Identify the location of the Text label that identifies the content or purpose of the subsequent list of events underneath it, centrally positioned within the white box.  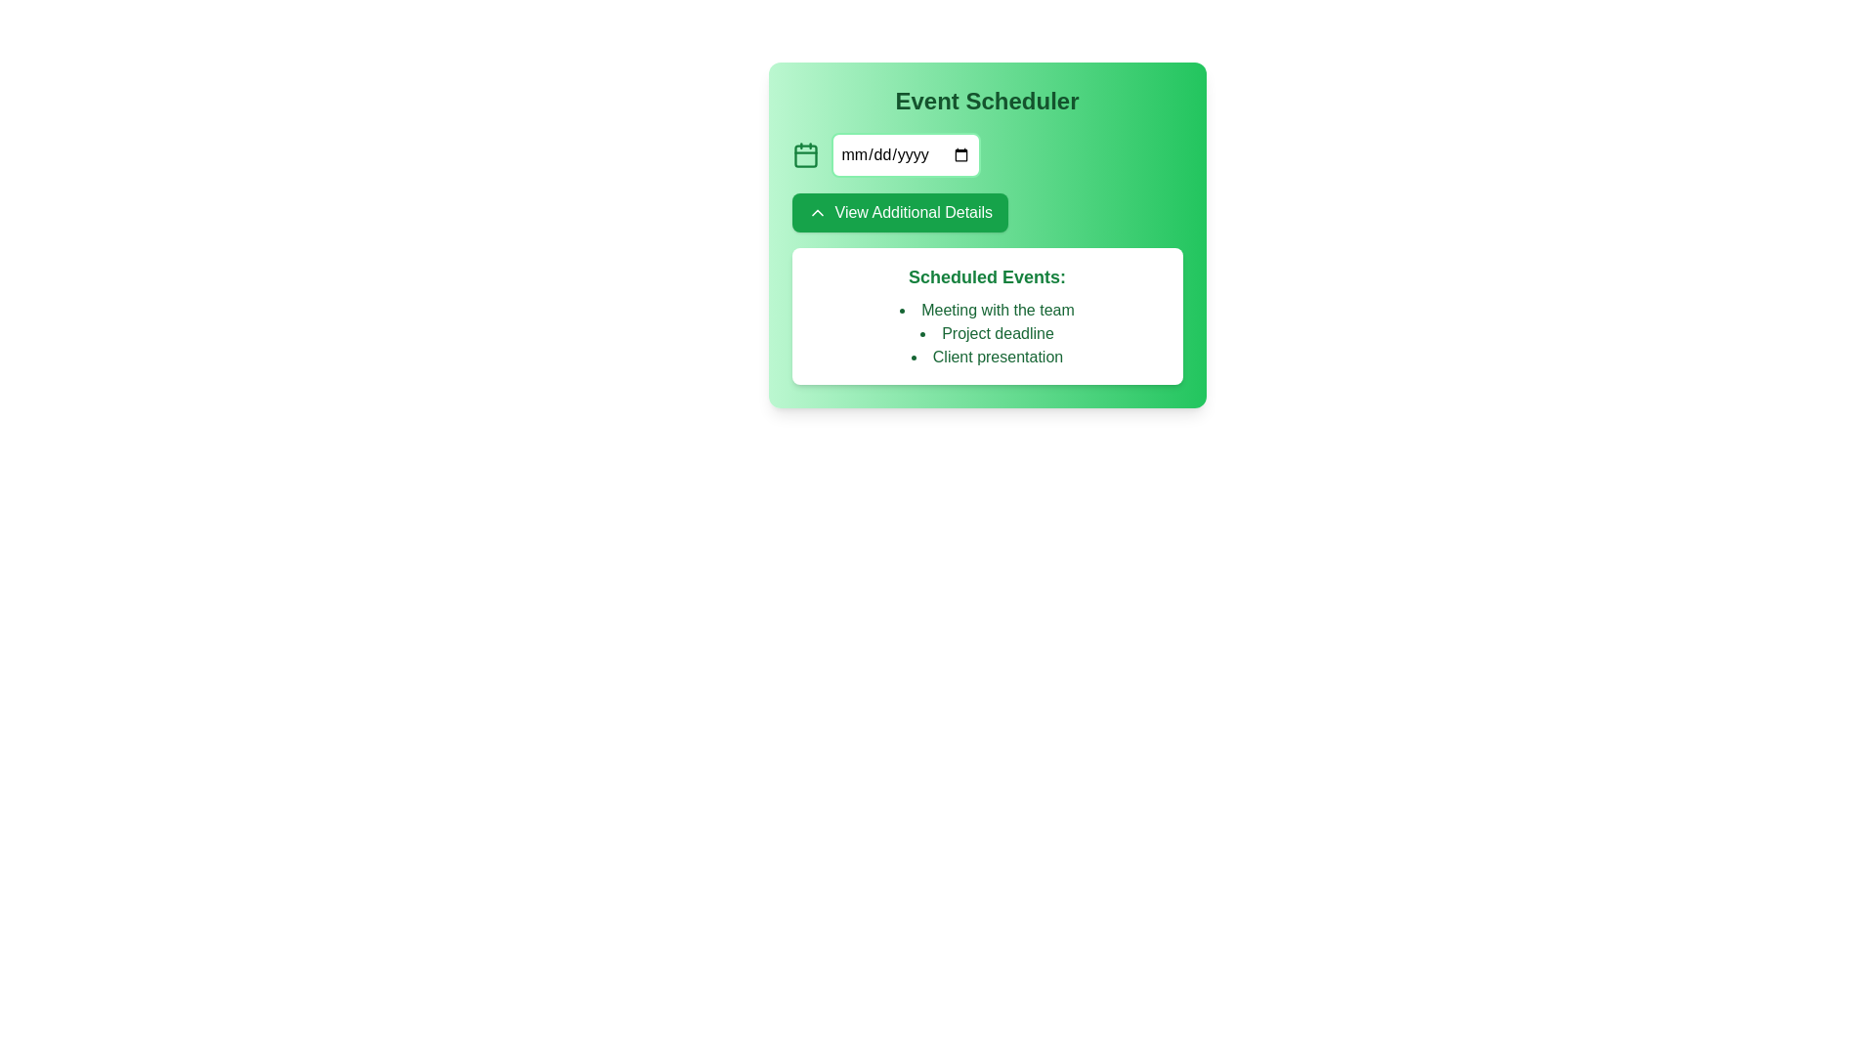
(987, 277).